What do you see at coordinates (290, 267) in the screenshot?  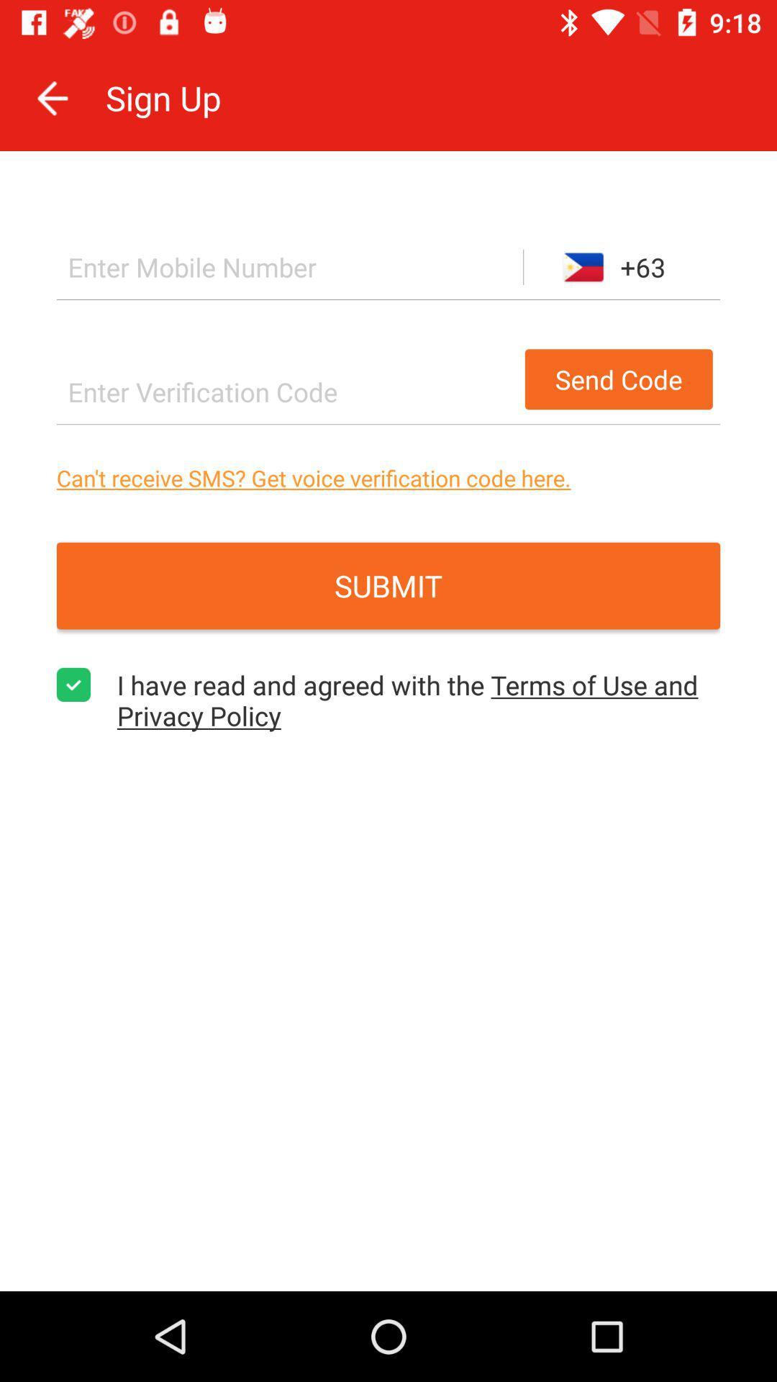 I see `phone number` at bounding box center [290, 267].